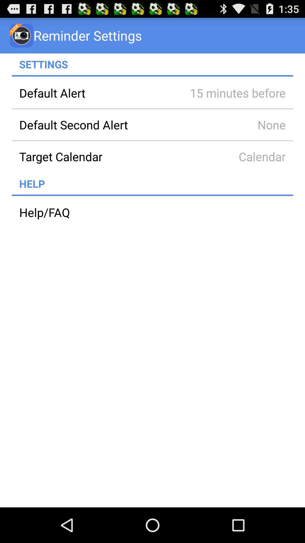 The width and height of the screenshot is (305, 543). What do you see at coordinates (230, 93) in the screenshot?
I see `app above none item` at bounding box center [230, 93].